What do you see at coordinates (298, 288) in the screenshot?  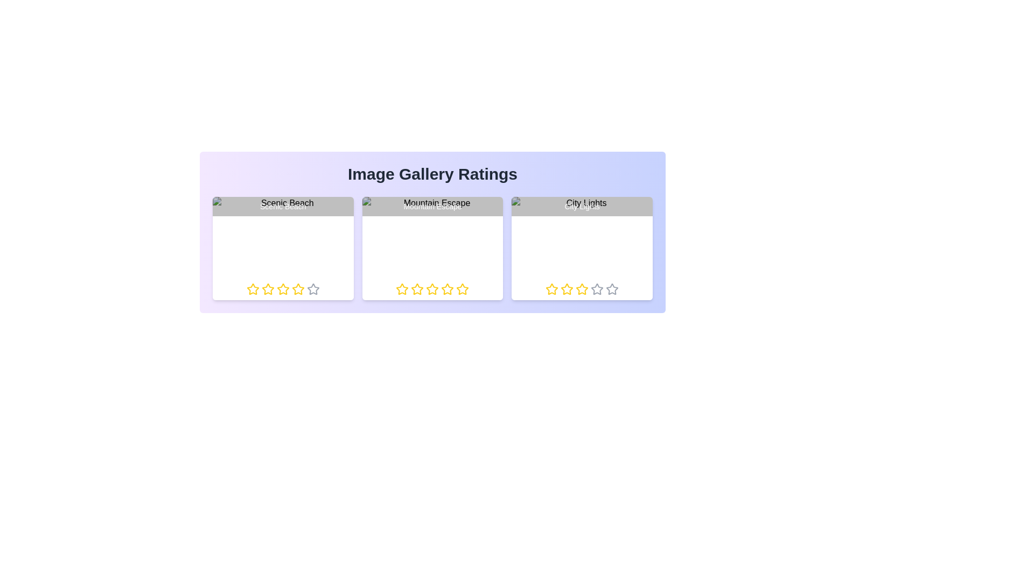 I see `the rating of an image to 4 stars by clicking on the respective star` at bounding box center [298, 288].